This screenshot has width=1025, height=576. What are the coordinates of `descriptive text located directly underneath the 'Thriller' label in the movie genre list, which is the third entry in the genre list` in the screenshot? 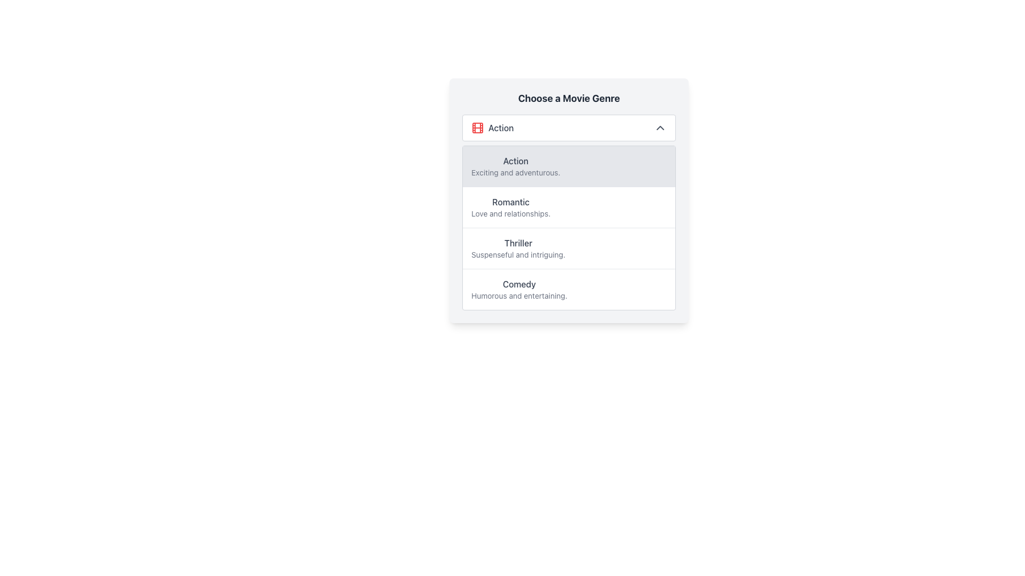 It's located at (518, 255).